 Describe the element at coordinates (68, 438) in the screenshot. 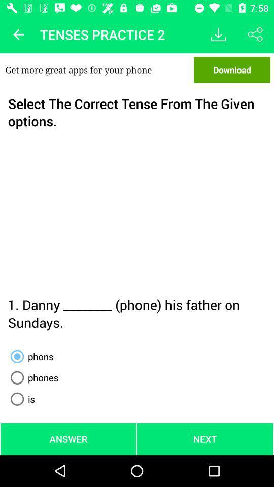

I see `the icon to the left of the next item` at that location.